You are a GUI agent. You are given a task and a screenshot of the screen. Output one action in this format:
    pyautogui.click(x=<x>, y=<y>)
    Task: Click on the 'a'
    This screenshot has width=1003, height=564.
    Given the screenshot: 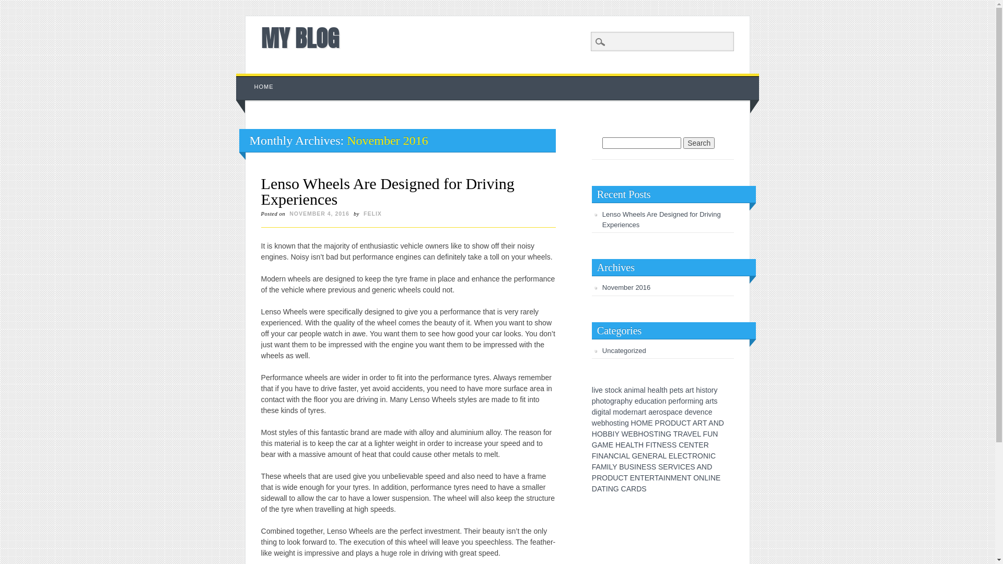 What is the action you would take?
    pyautogui.click(x=651, y=400)
    